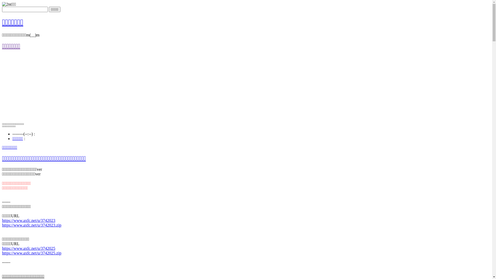 The height and width of the screenshot is (279, 496). What do you see at coordinates (32, 224) in the screenshot?
I see `'https://www.axfc.net/u/3742023.zip'` at bounding box center [32, 224].